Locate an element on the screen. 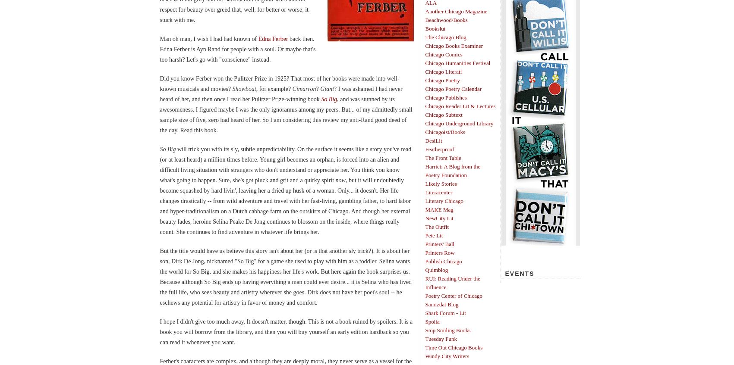 This screenshot has height=365, width=734. 'Stop Smiling Books' is located at coordinates (425, 330).